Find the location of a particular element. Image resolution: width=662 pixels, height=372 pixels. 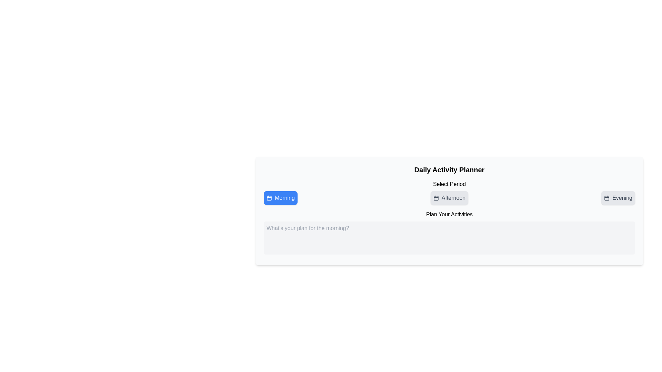

the 'Evening' button located below the 'Select Period' heading is located at coordinates (618, 198).